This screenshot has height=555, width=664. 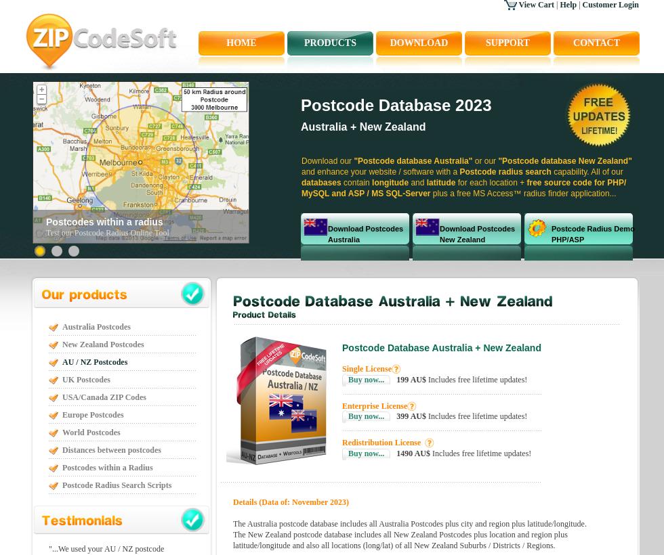 I want to click on 'View Cart', so click(x=516, y=3).